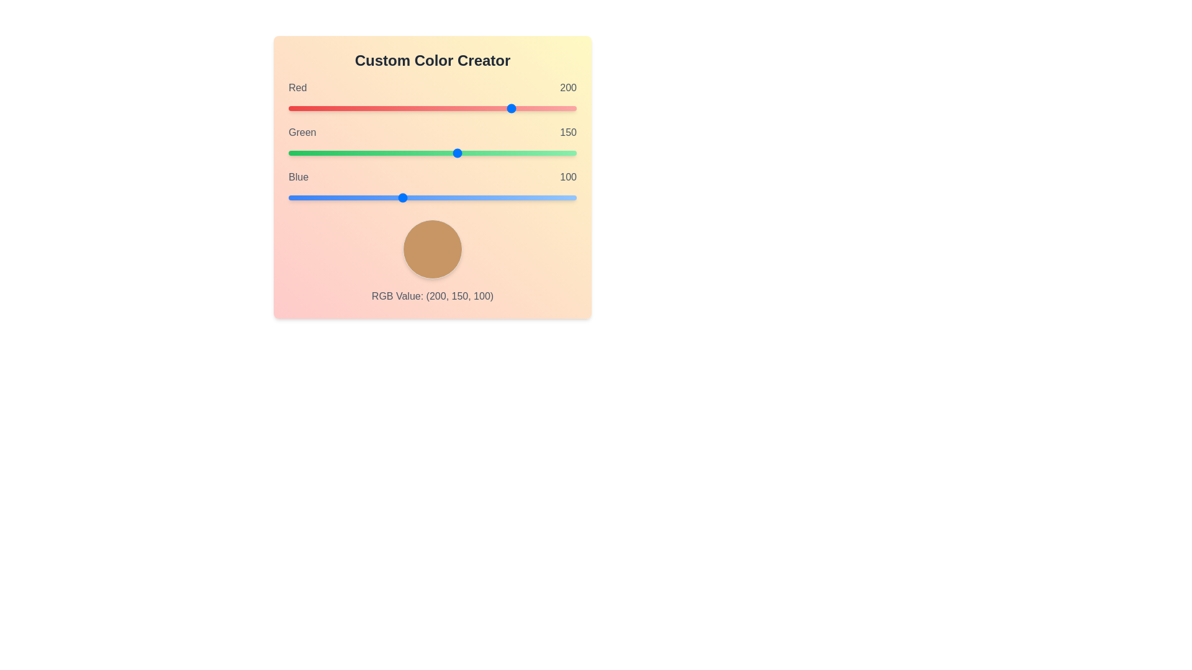  Describe the element at coordinates (508, 197) in the screenshot. I see `the blue slider to set the blue value to 195` at that location.